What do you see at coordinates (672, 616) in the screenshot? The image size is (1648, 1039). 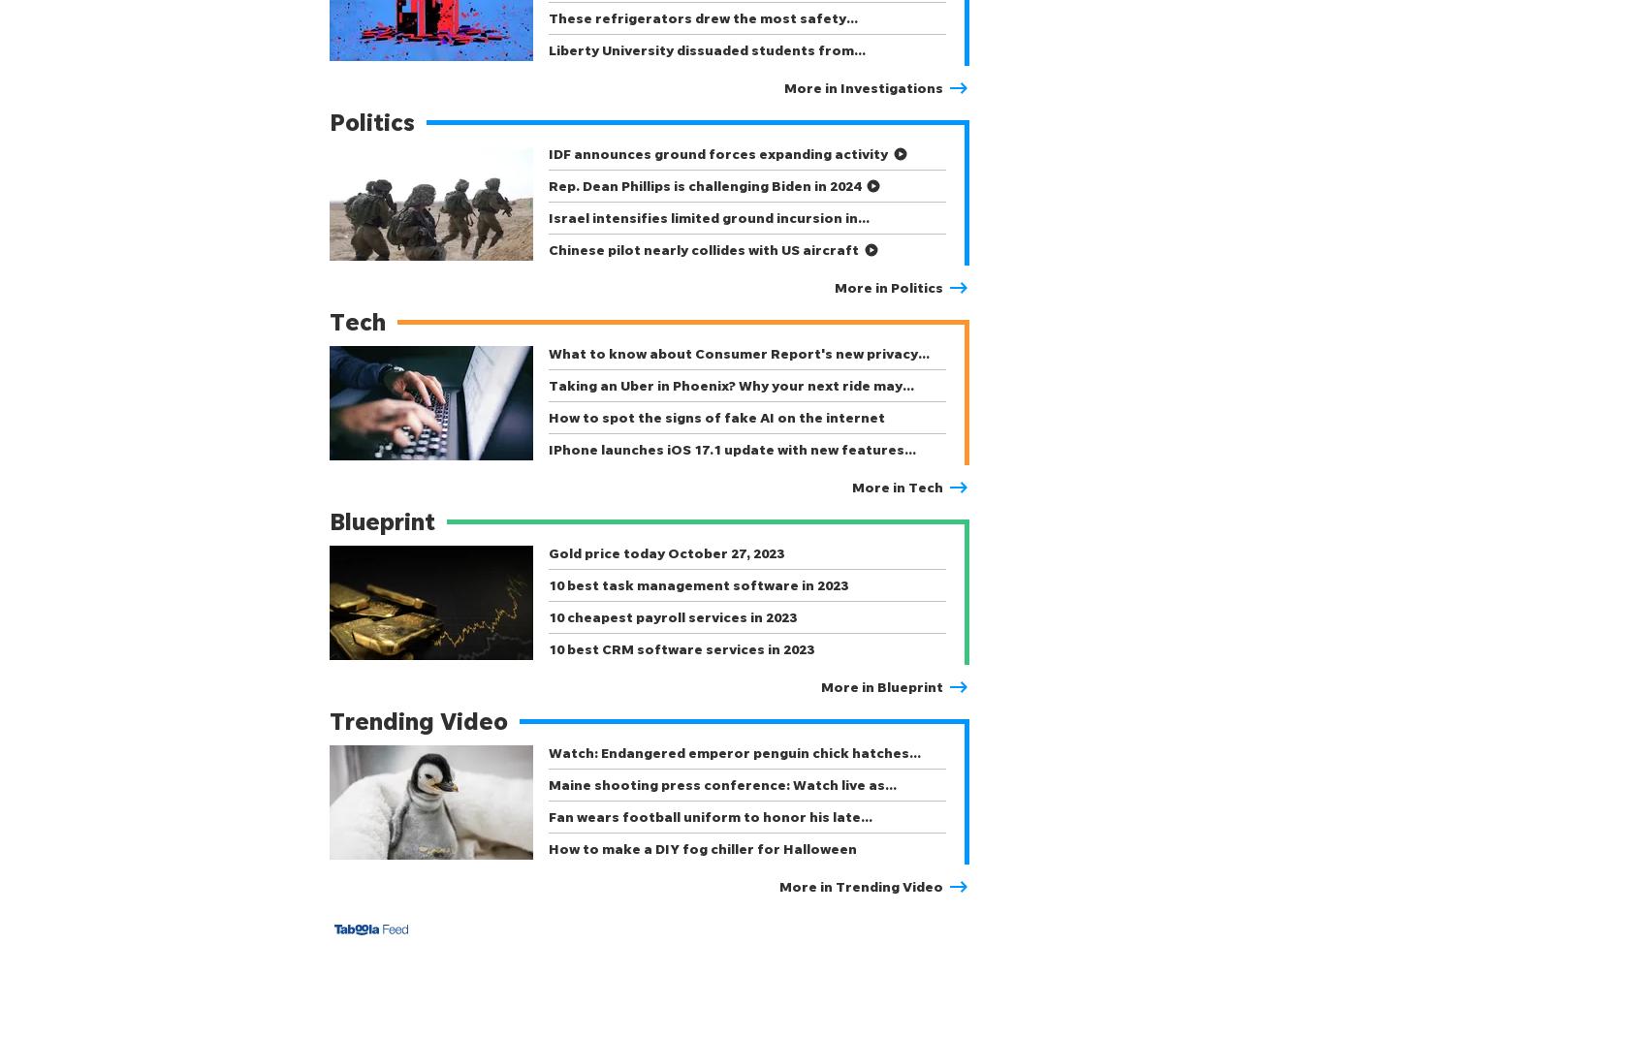 I see `'10 cheapest payroll services in 2023'` at bounding box center [672, 616].